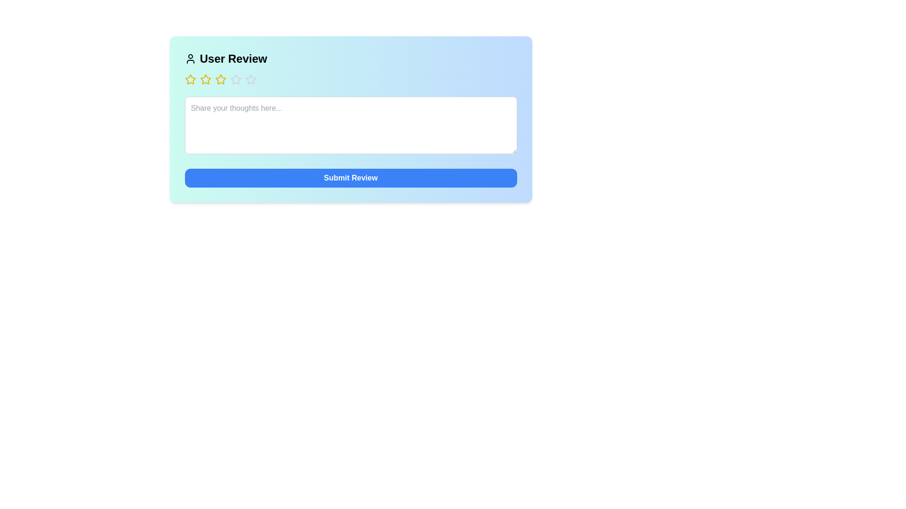 The height and width of the screenshot is (509, 906). I want to click on the star corresponding to the desired rating of 1 stars, so click(190, 79).